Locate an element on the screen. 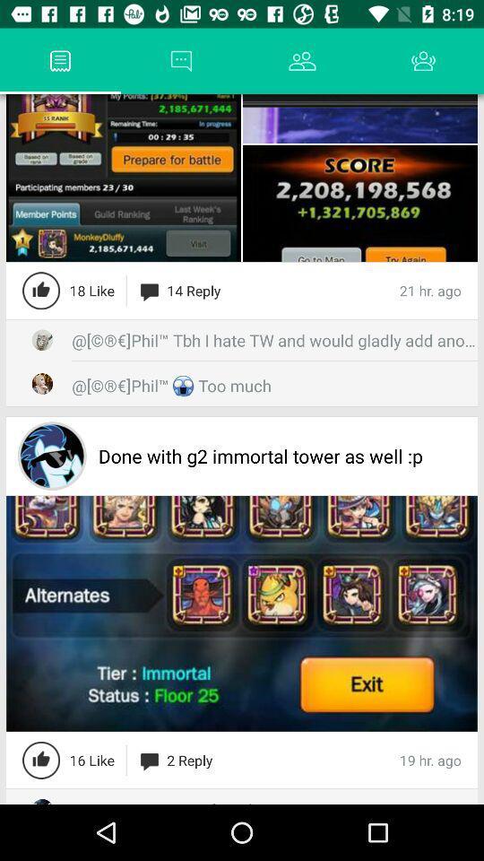  like post is located at coordinates (41, 759).